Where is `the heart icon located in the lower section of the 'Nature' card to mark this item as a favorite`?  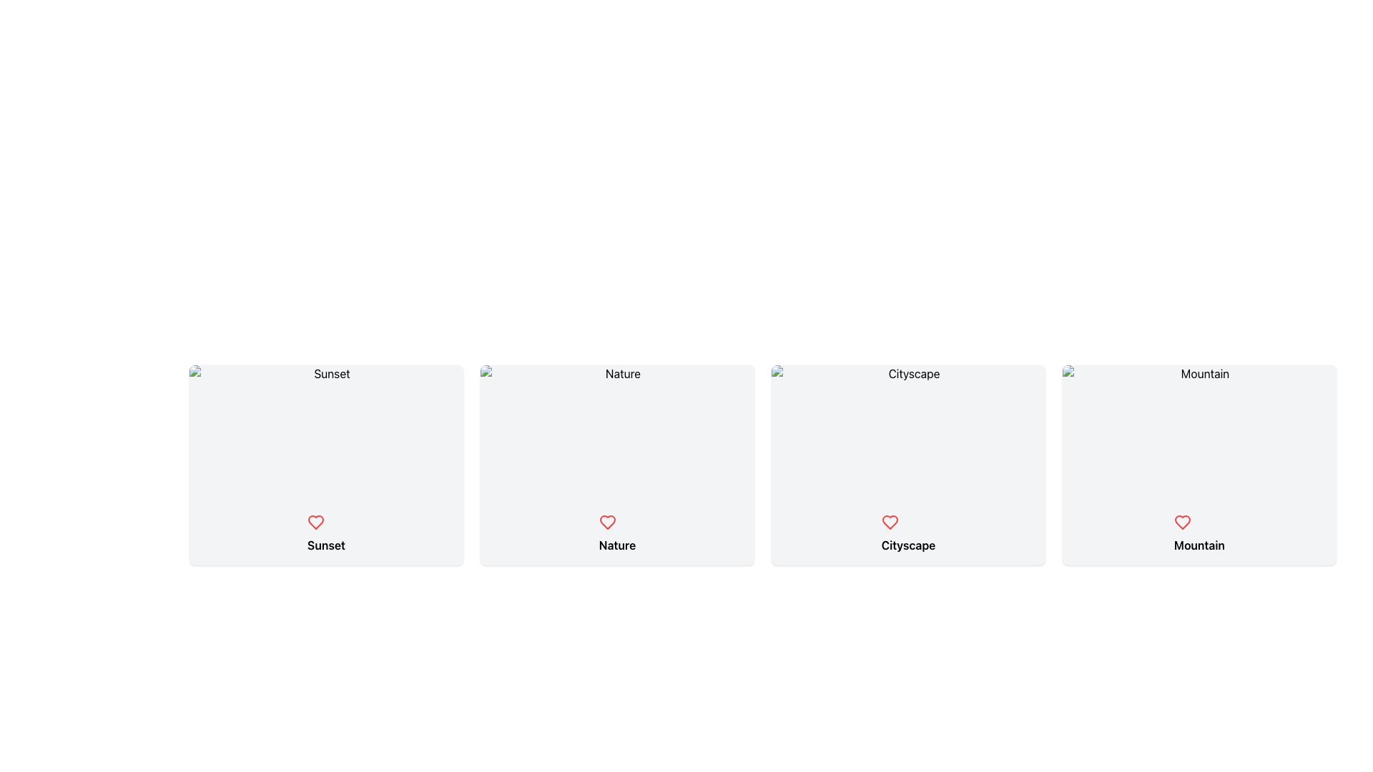
the heart icon located in the lower section of the 'Nature' card to mark this item as a favorite is located at coordinates (607, 523).